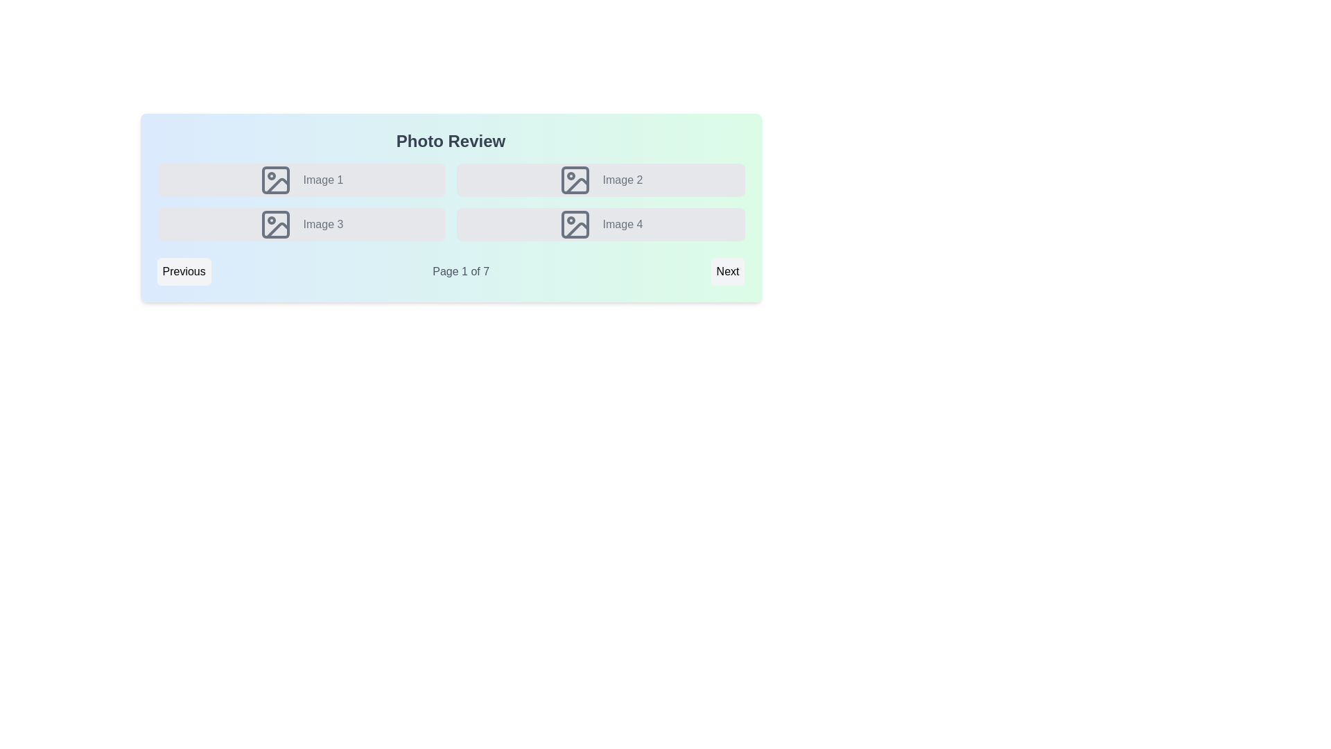 The width and height of the screenshot is (1331, 749). Describe the element at coordinates (300, 179) in the screenshot. I see `the first card component in the top-left corner of the grid layout, which serves as a visual representation for an image in a photo review interface` at that location.